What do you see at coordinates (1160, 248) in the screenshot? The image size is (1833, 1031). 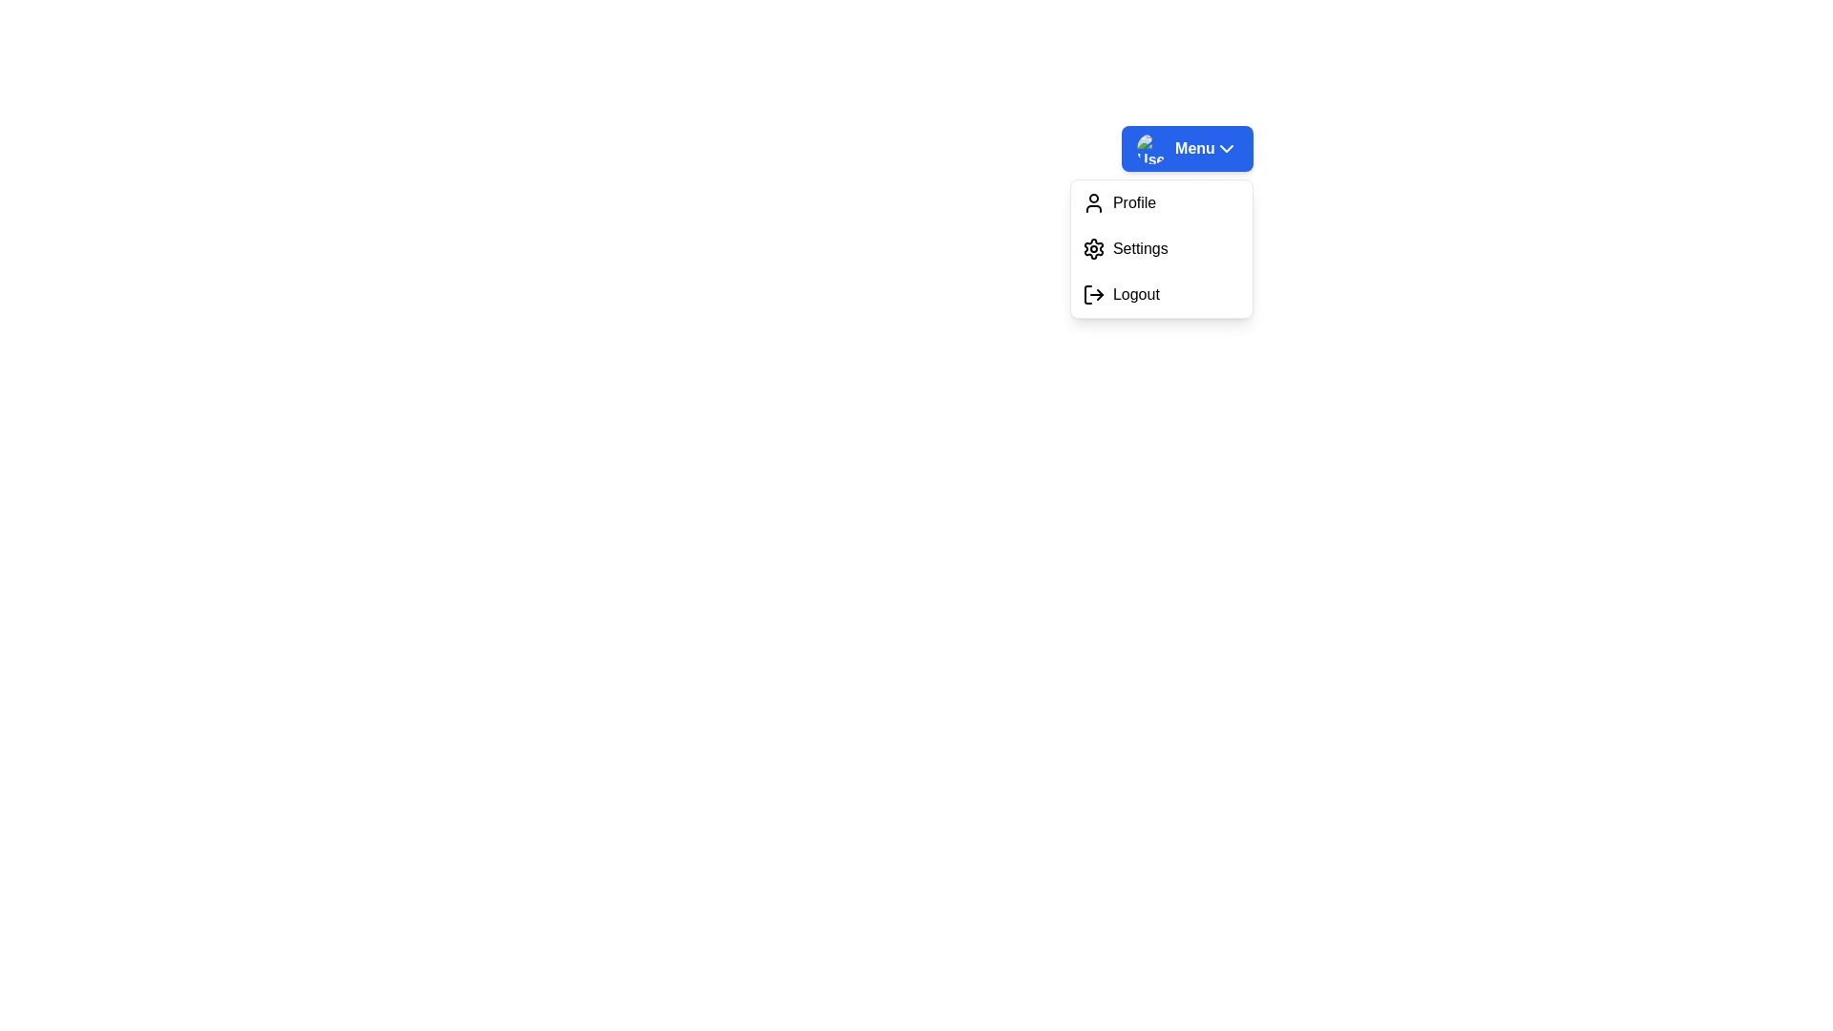 I see `the menu item labeled Settings to view its hover effect` at bounding box center [1160, 248].